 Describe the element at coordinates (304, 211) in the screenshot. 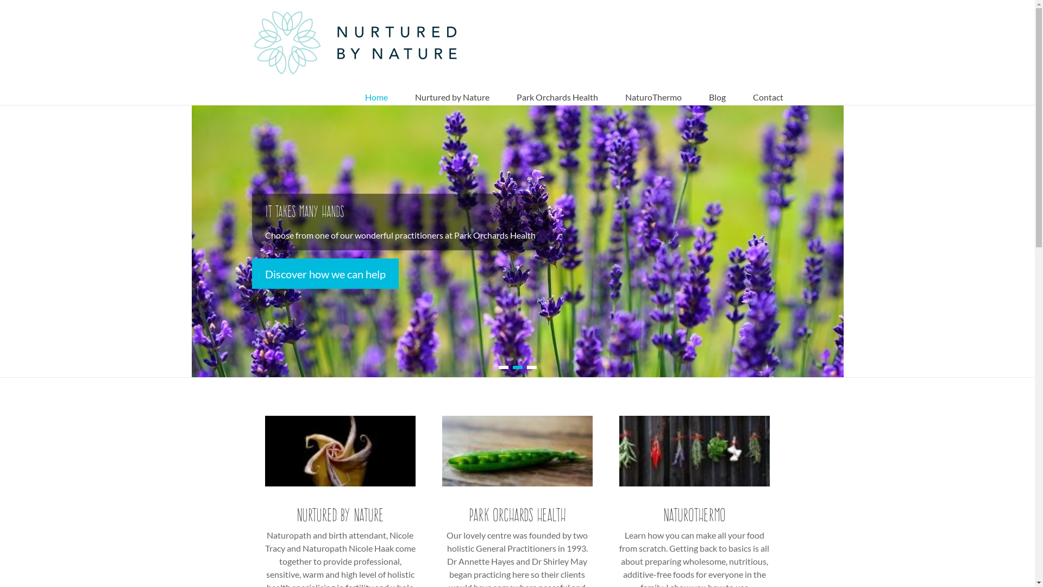

I see `'It takes many hands'` at that location.